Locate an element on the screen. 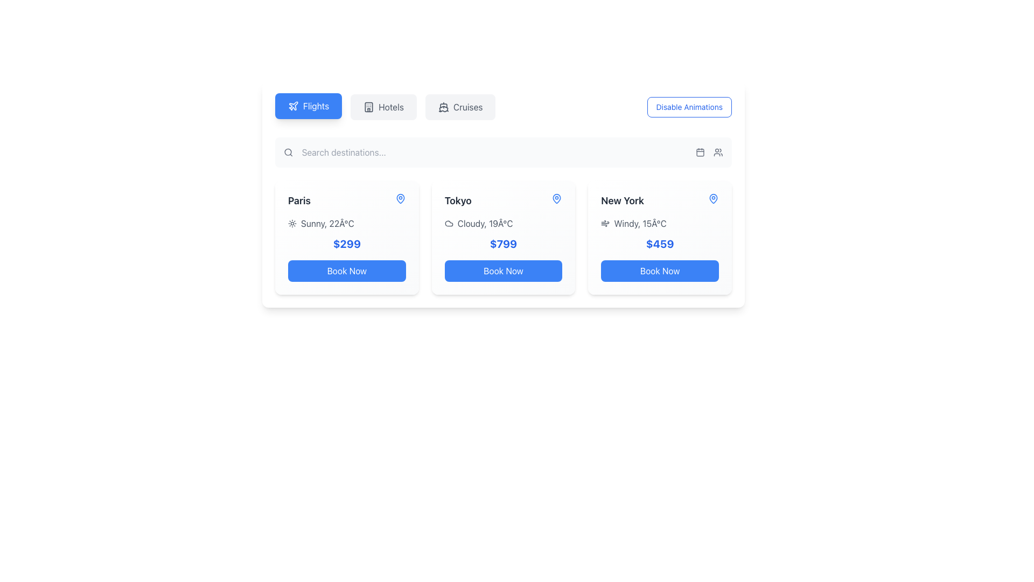 This screenshot has height=582, width=1034. the text label displaying the price for the Tokyo travel booking, located in the middle card of the horizontally scrolling section, below the weather and temperature row and above the 'Book Now' button is located at coordinates (503, 244).